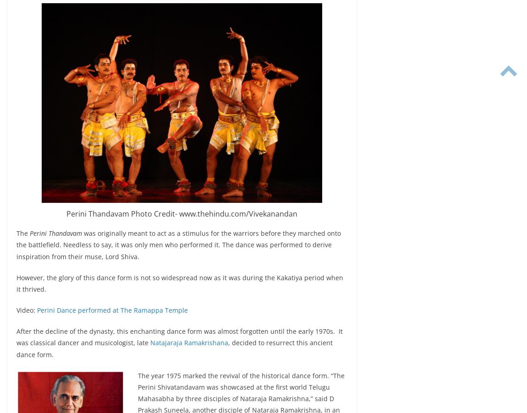  What do you see at coordinates (16, 310) in the screenshot?
I see `'Video:'` at bounding box center [16, 310].